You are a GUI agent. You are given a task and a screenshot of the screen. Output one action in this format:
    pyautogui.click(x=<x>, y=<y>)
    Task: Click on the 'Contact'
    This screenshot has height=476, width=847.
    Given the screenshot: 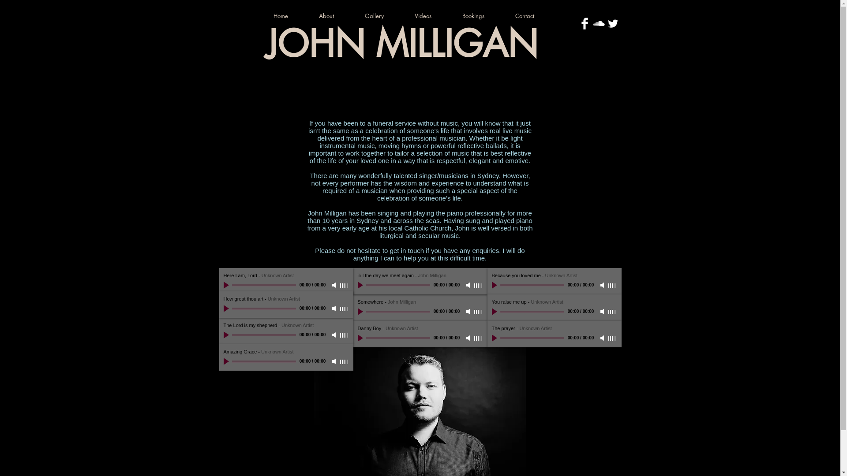 What is the action you would take?
    pyautogui.click(x=507, y=15)
    